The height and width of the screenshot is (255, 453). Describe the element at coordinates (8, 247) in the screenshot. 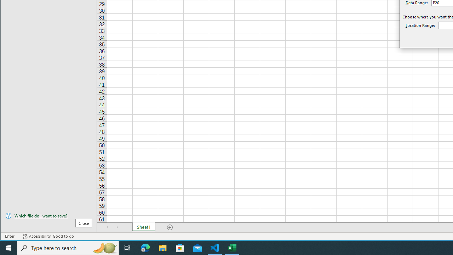

I see `'Start'` at that location.